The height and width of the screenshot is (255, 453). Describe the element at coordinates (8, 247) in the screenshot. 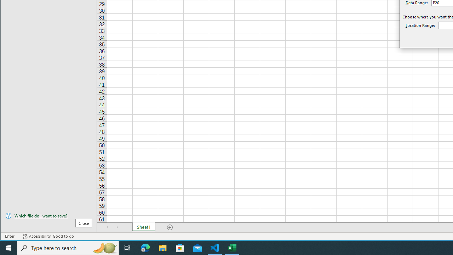

I see `'Start'` at that location.